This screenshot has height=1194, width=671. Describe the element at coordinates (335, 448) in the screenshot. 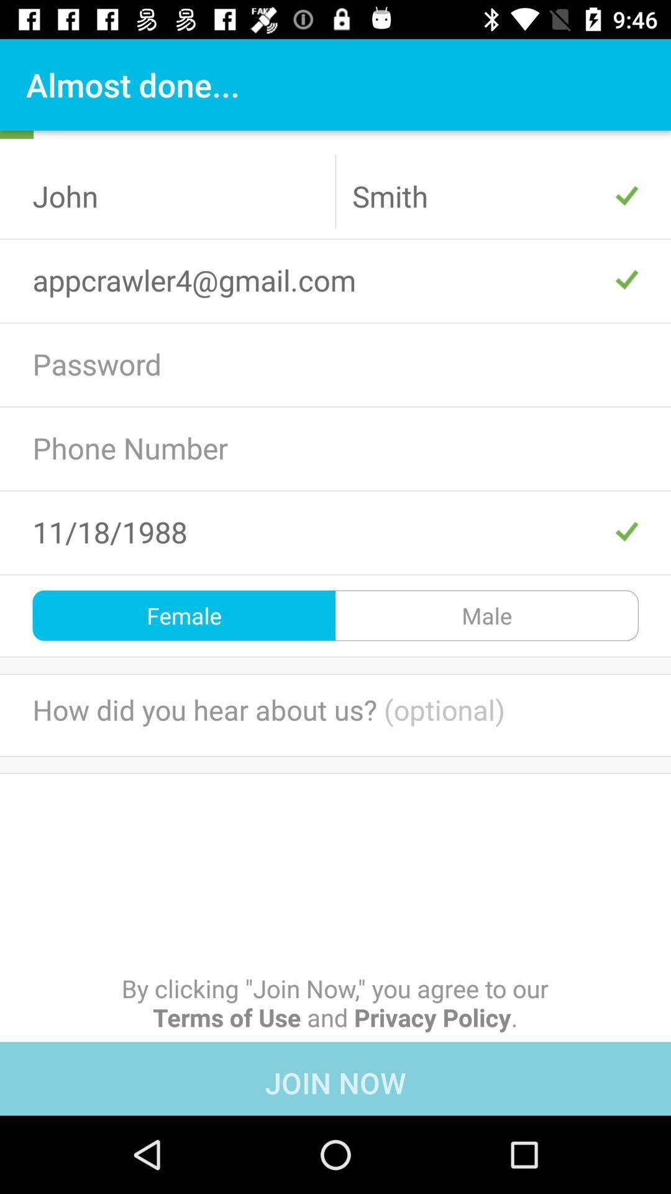

I see `the text box which says phone number` at that location.